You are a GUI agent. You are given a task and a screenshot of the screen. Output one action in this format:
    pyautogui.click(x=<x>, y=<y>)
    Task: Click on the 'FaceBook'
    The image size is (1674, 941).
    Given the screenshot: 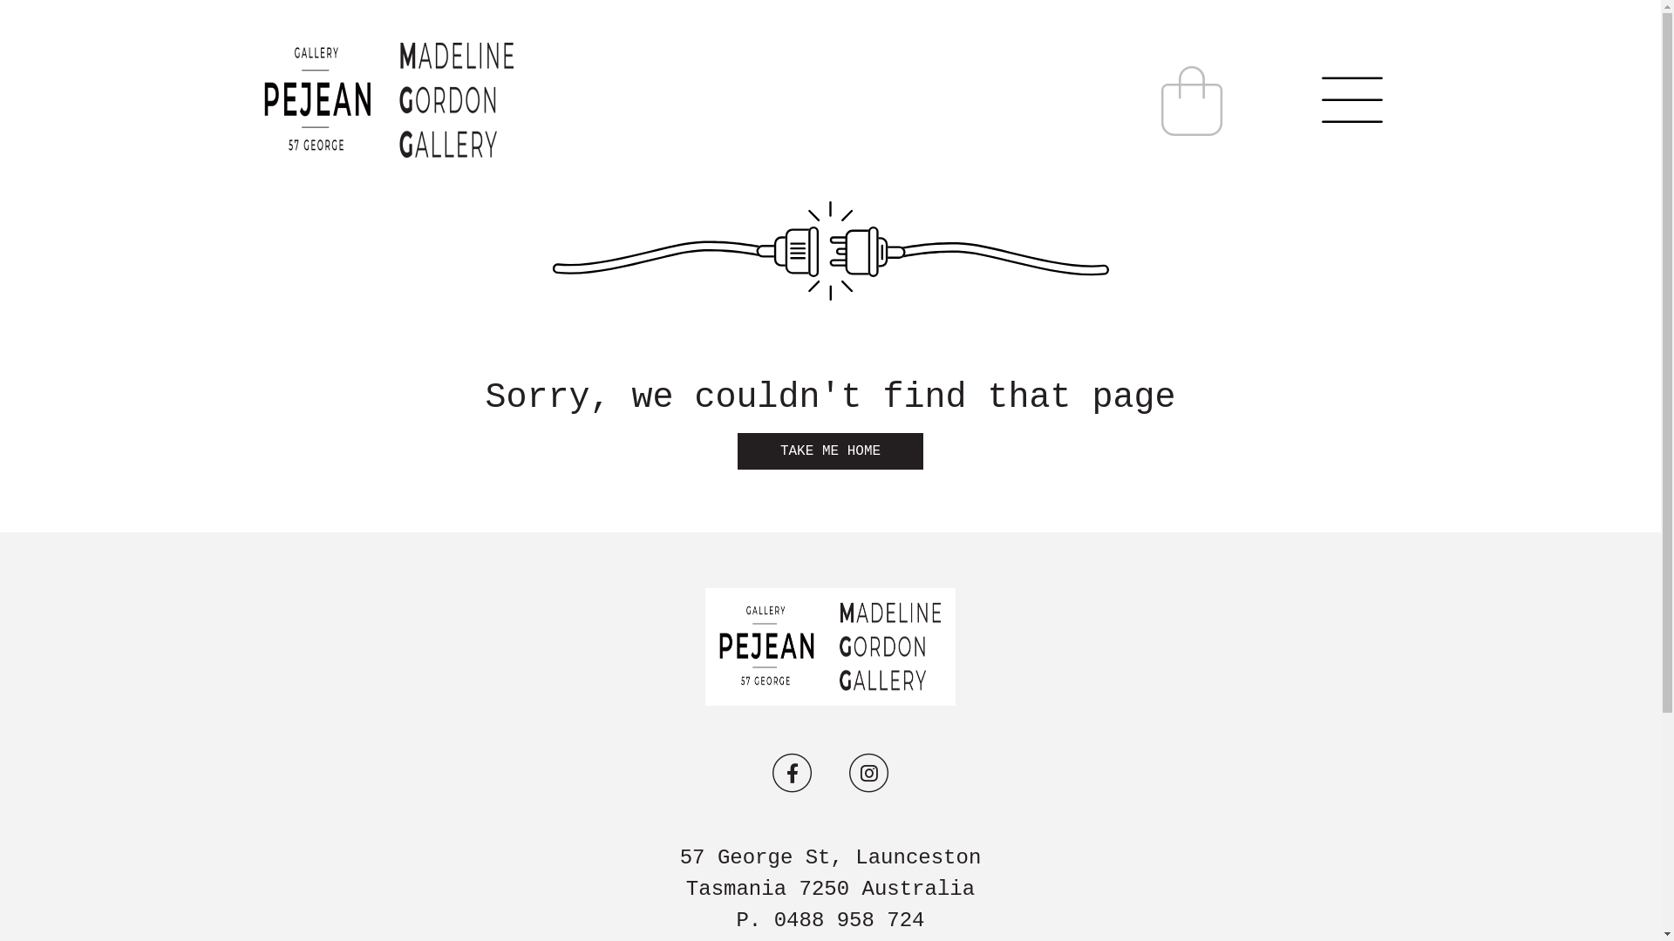 What is the action you would take?
    pyautogui.click(x=790, y=773)
    